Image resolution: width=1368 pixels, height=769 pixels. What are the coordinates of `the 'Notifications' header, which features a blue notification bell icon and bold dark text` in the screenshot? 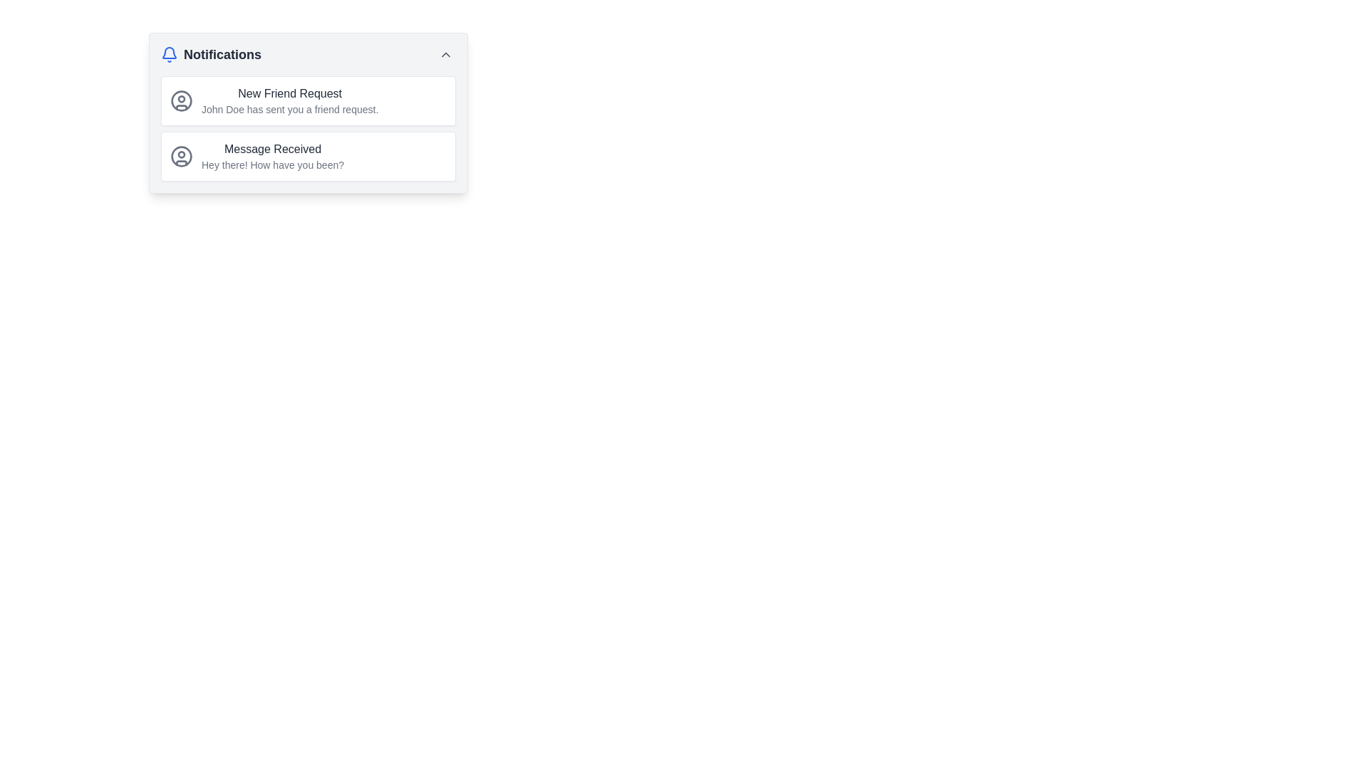 It's located at (210, 54).